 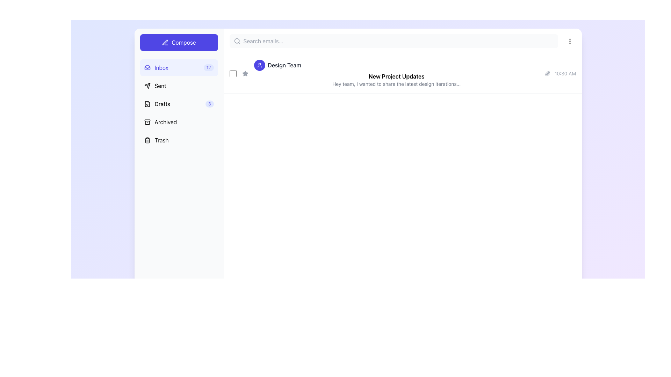 I want to click on text label 'New Project Updates' which is styled in bold and located below the sender's name (Design Team), so click(x=396, y=76).